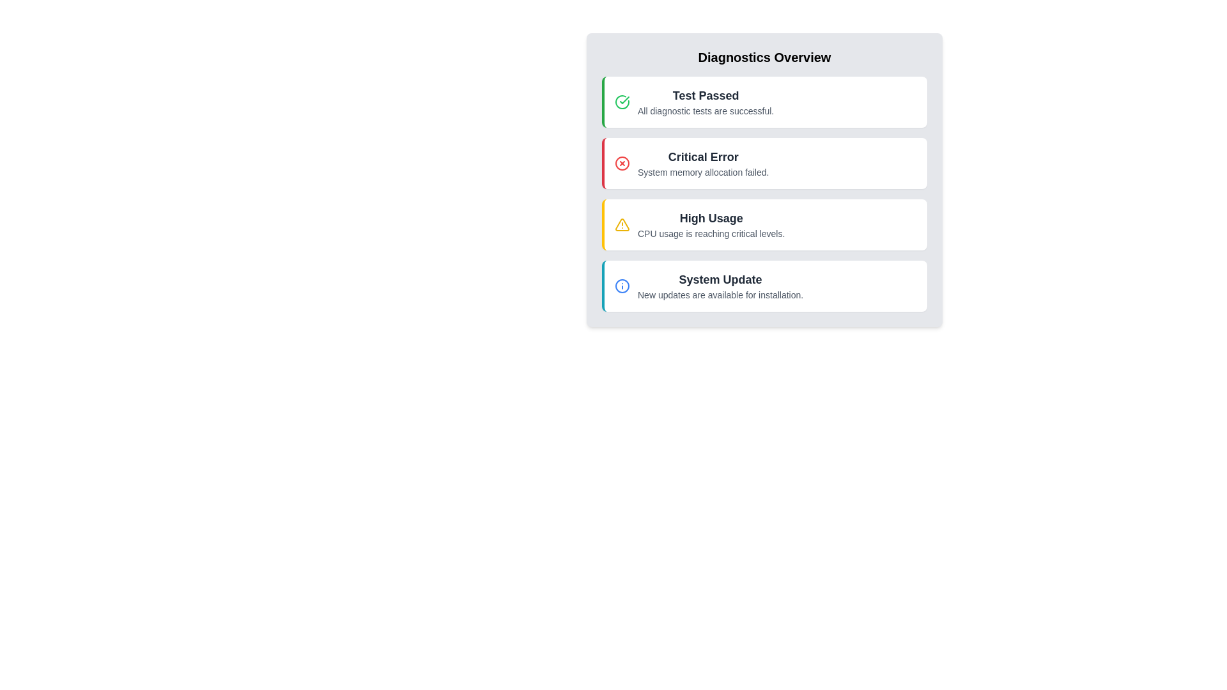 The height and width of the screenshot is (690, 1227). I want to click on the Text Label that serves as the title for the informational module about system updates, positioned centrally above the explanatory text 'New updates are available for installation.', so click(720, 279).